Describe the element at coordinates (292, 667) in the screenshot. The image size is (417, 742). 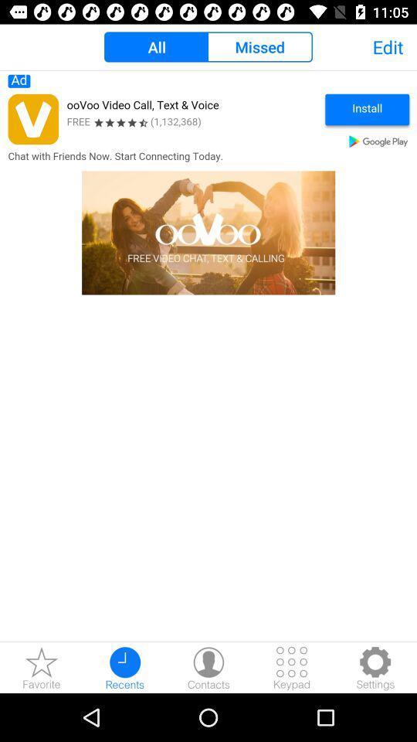
I see `open keypad` at that location.